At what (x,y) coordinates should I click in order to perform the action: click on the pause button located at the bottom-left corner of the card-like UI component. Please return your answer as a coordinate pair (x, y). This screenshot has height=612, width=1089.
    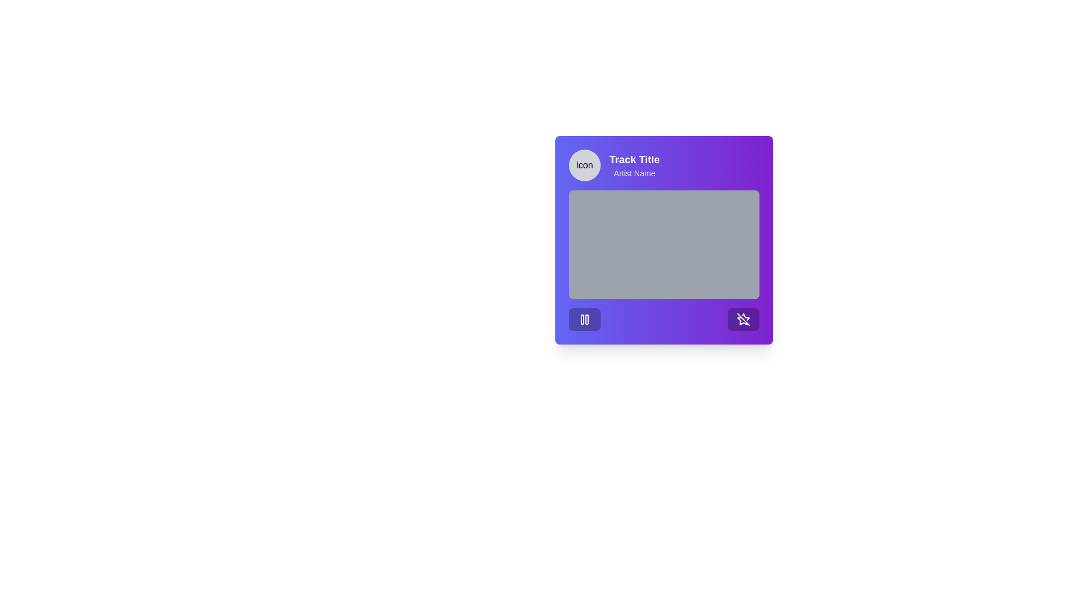
    Looking at the image, I should click on (584, 319).